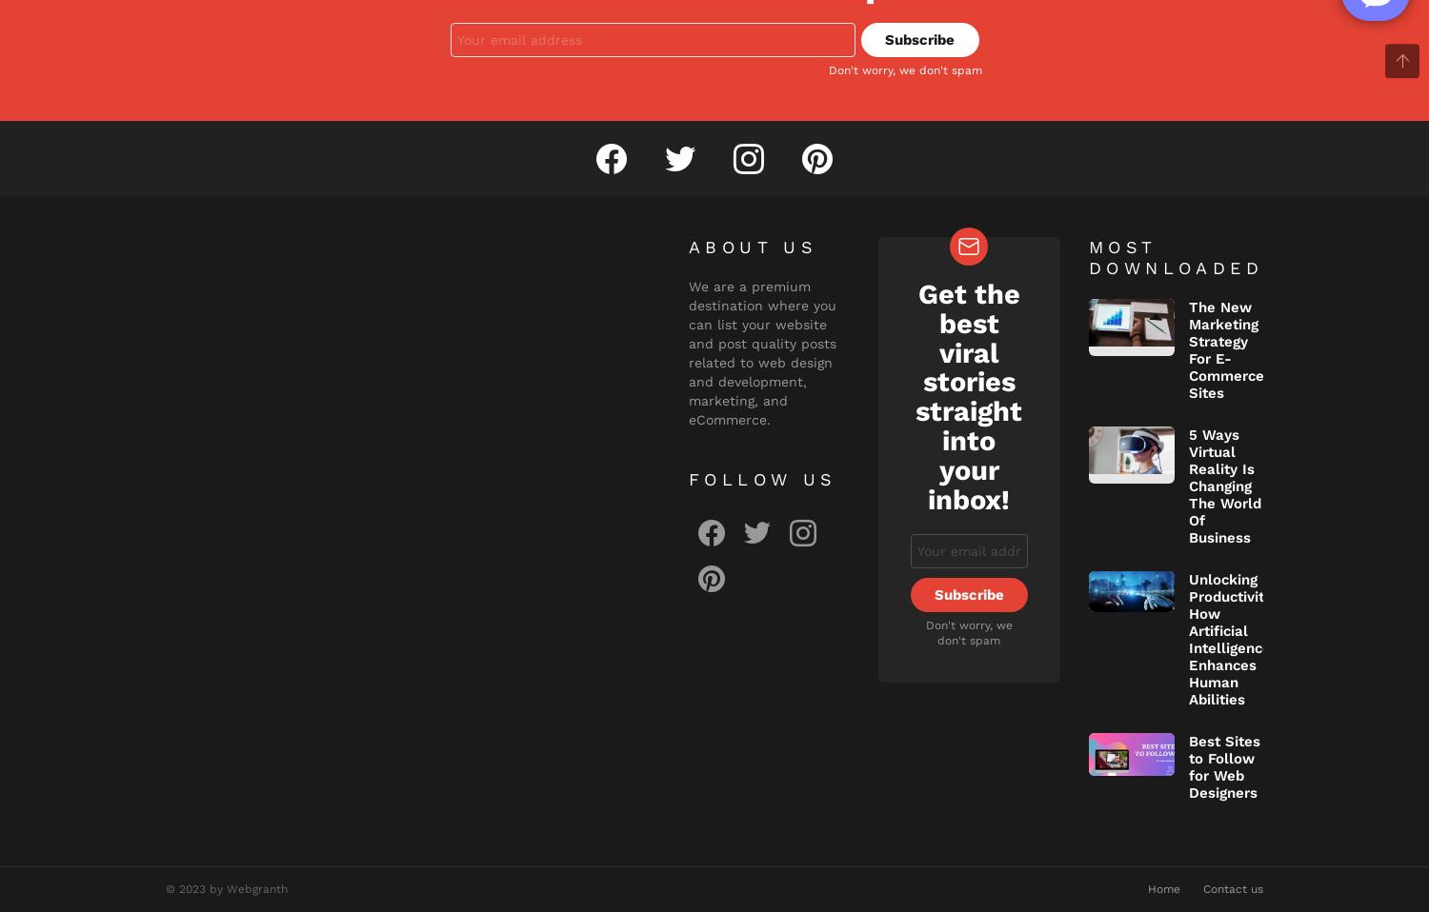 The width and height of the screenshot is (1429, 912). Describe the element at coordinates (762, 478) in the screenshot. I see `'Follow us'` at that location.